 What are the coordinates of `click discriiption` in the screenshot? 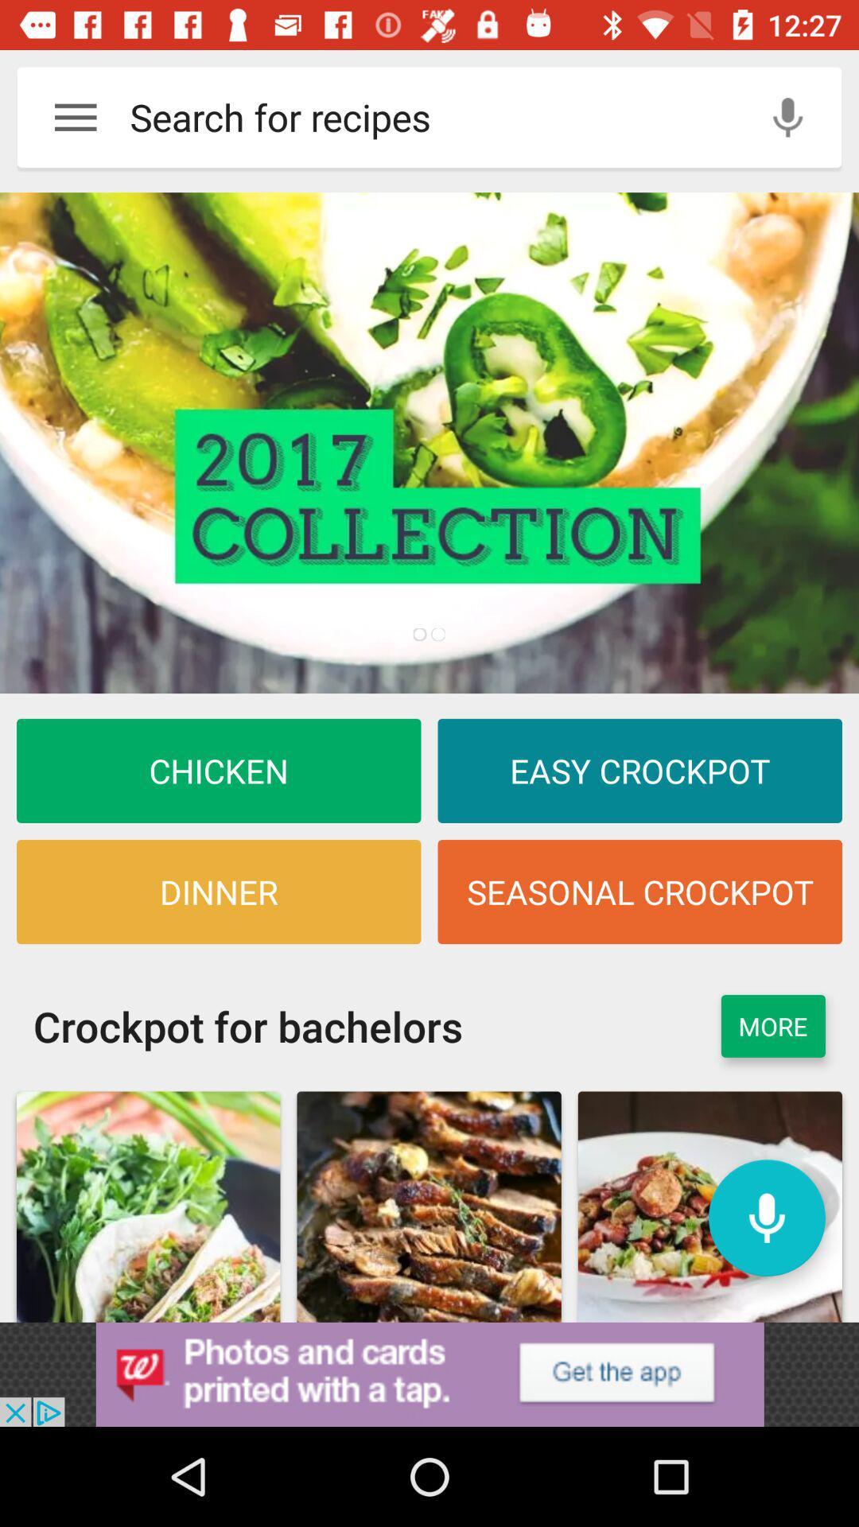 It's located at (429, 443).